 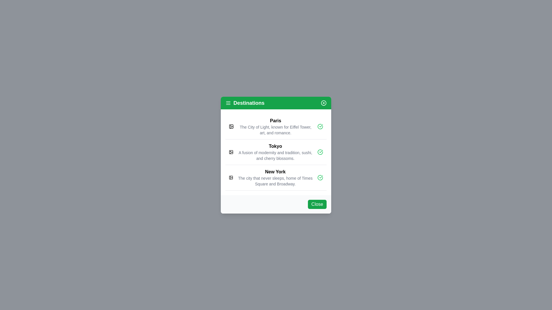 What do you see at coordinates (276, 177) in the screenshot?
I see `the bold title text reading 'New York' in the third list item of the vertical list within the modal window` at bounding box center [276, 177].